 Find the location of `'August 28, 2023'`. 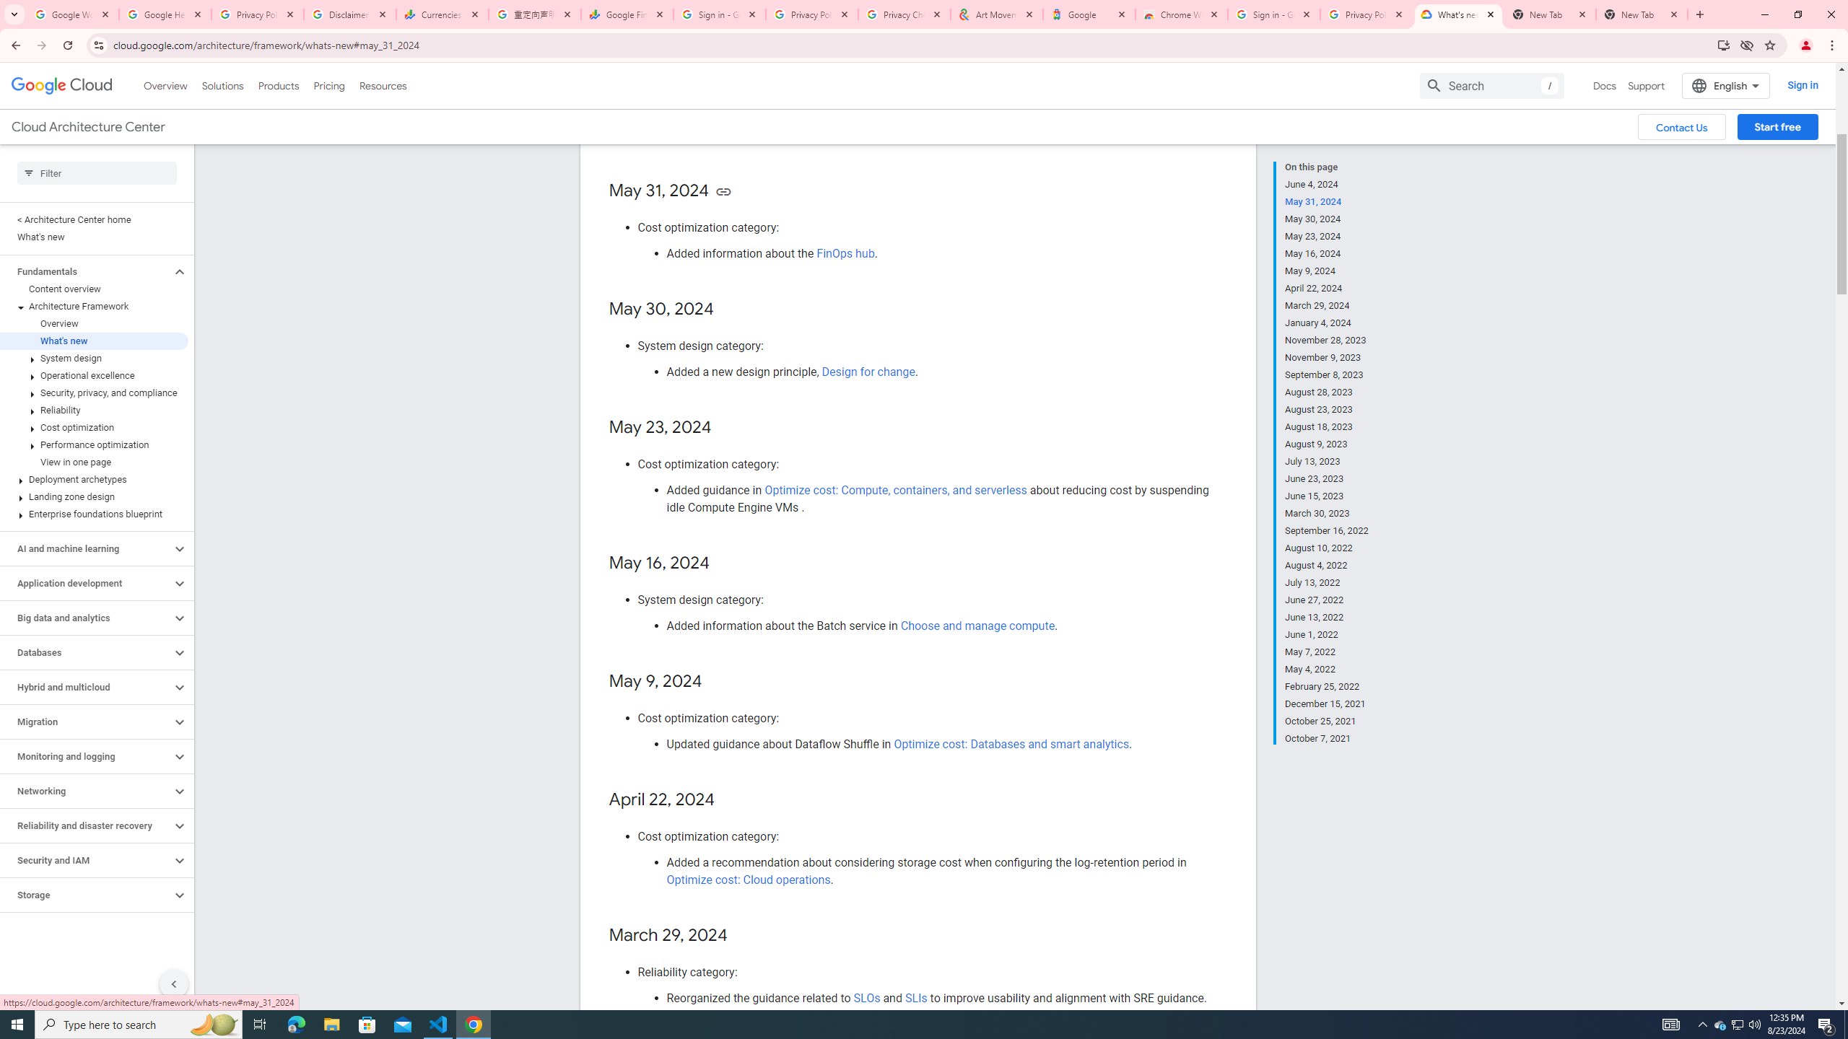

'August 28, 2023' is located at coordinates (1327, 392).